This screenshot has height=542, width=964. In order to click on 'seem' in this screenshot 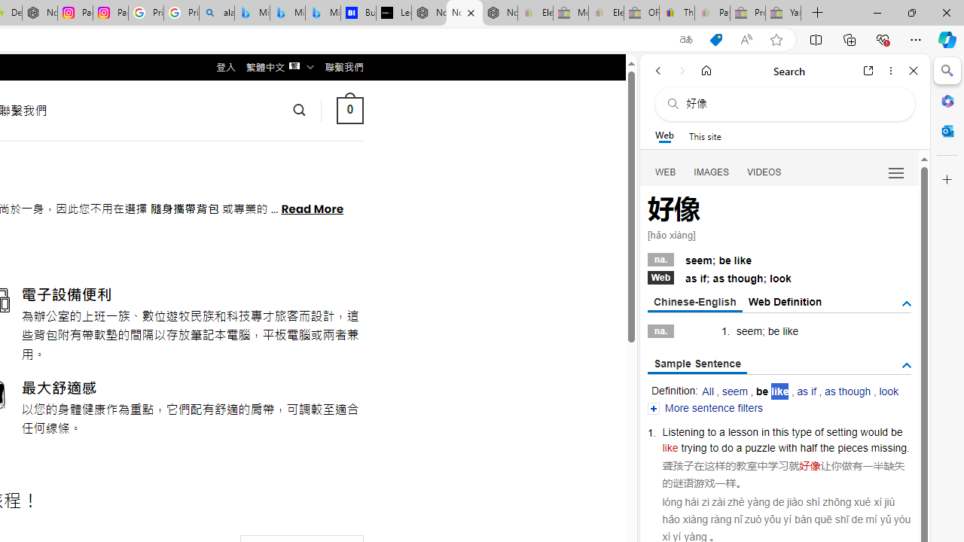, I will do `click(734, 391)`.